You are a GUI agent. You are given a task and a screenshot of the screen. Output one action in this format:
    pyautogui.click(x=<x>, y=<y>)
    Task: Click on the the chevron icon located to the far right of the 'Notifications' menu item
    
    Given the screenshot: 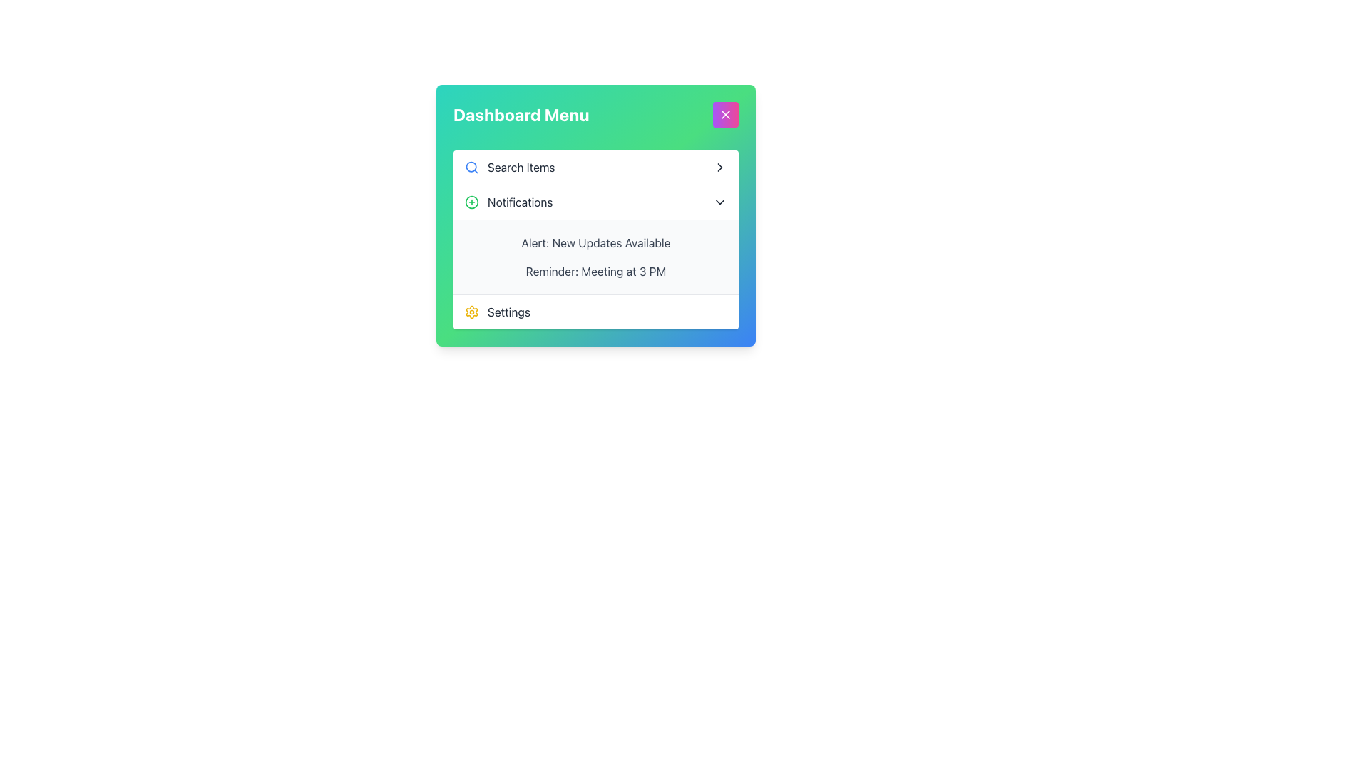 What is the action you would take?
    pyautogui.click(x=719, y=202)
    